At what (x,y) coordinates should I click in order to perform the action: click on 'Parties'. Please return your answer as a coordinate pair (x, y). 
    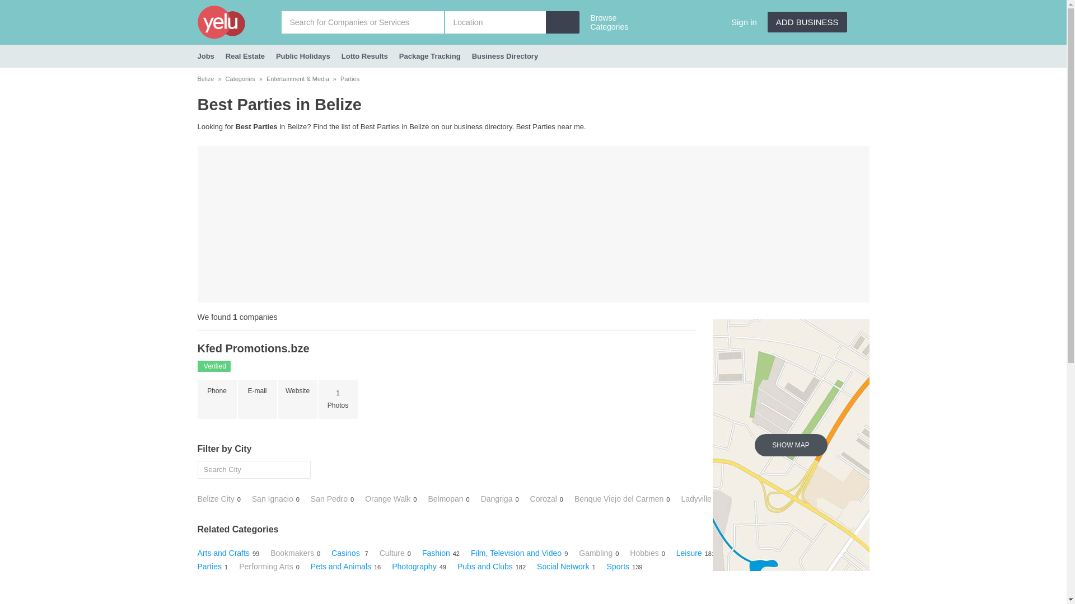
    Looking at the image, I should click on (209, 567).